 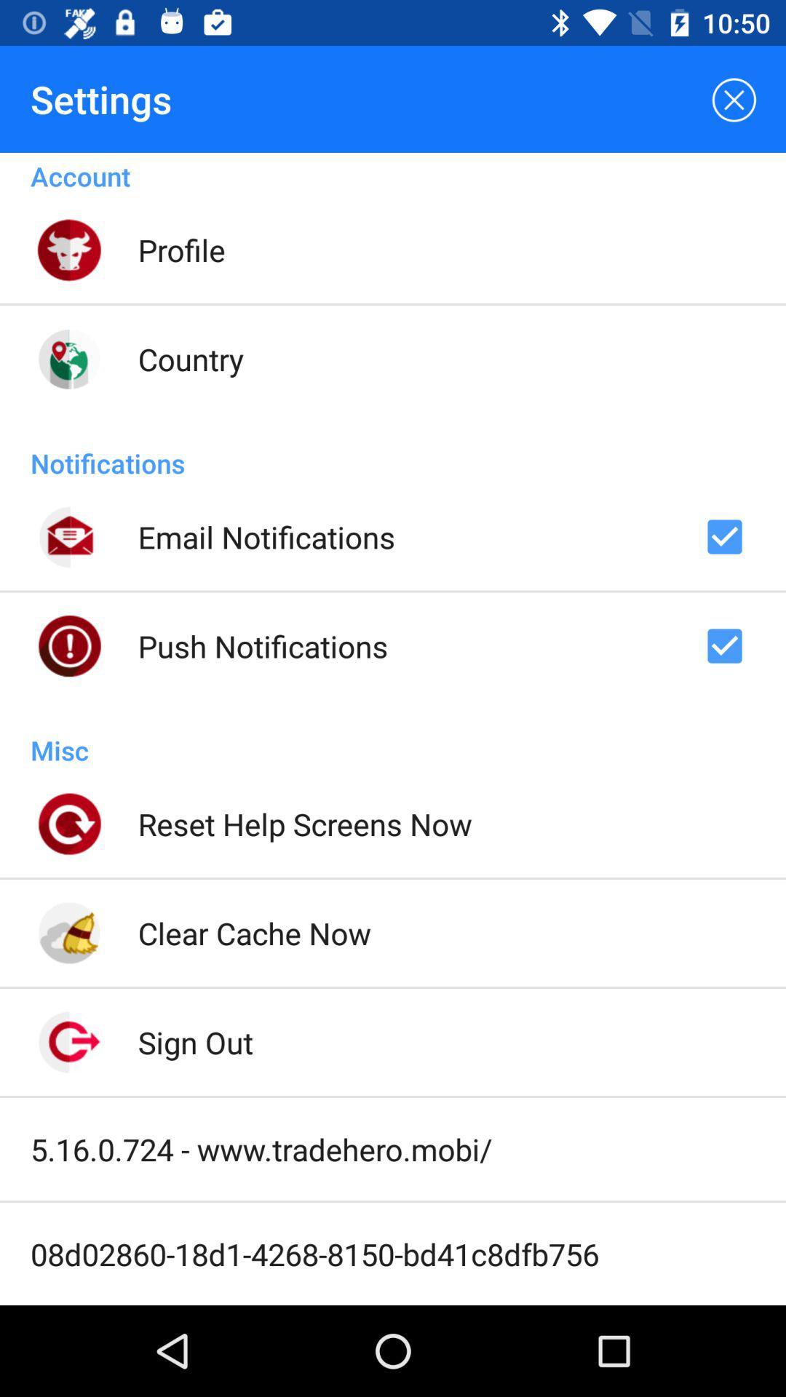 I want to click on push notifications icon, so click(x=263, y=645).